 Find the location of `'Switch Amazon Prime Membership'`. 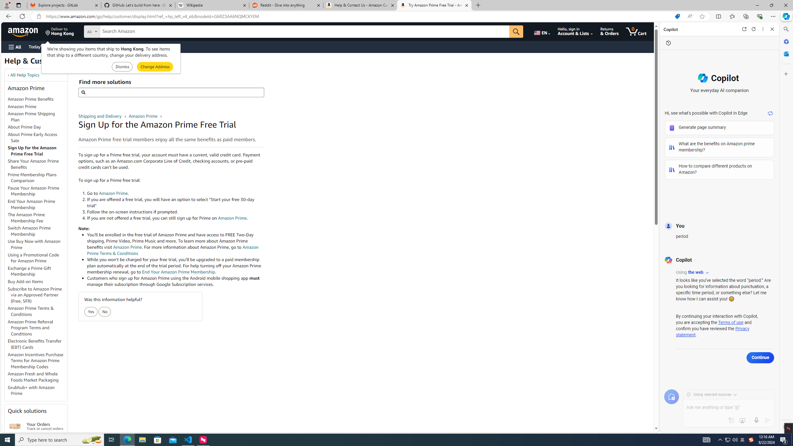

'Switch Amazon Prime Membership' is located at coordinates (37, 231).